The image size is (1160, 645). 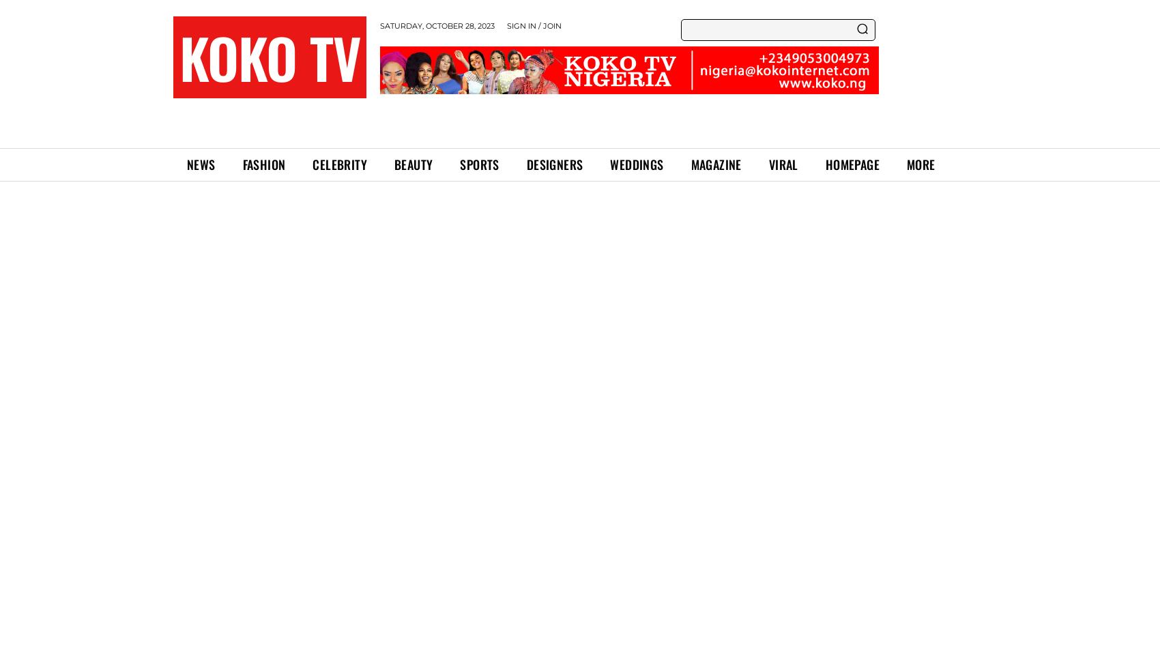 What do you see at coordinates (636, 163) in the screenshot?
I see `'WEDDINGS'` at bounding box center [636, 163].